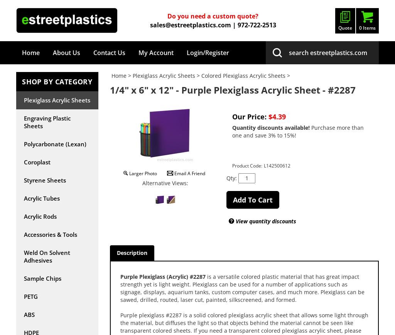 The height and width of the screenshot is (335, 395). What do you see at coordinates (248, 117) in the screenshot?
I see `'Our Price:'` at bounding box center [248, 117].